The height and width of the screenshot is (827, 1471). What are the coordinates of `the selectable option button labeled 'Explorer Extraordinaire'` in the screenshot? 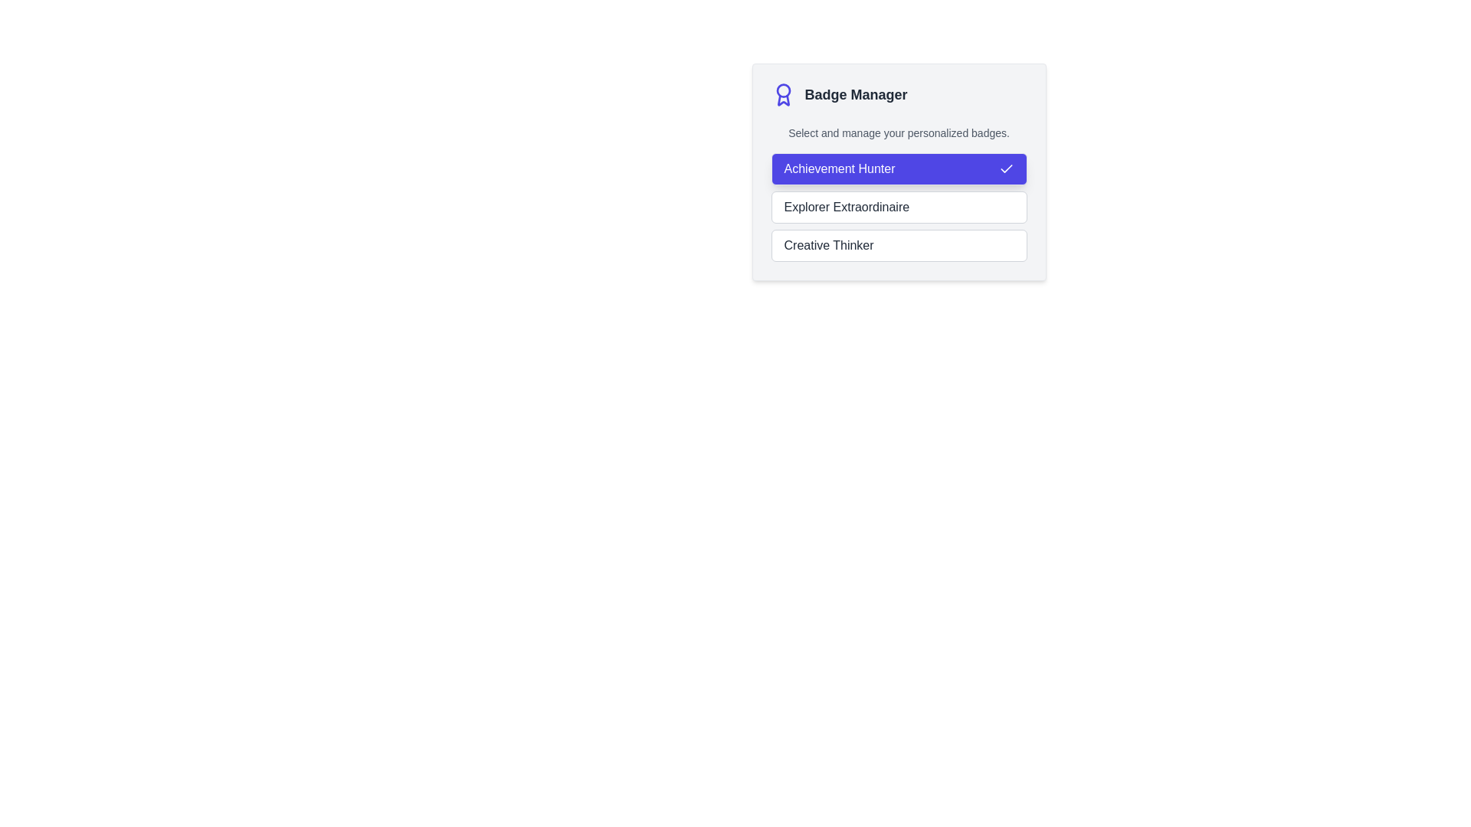 It's located at (899, 207).